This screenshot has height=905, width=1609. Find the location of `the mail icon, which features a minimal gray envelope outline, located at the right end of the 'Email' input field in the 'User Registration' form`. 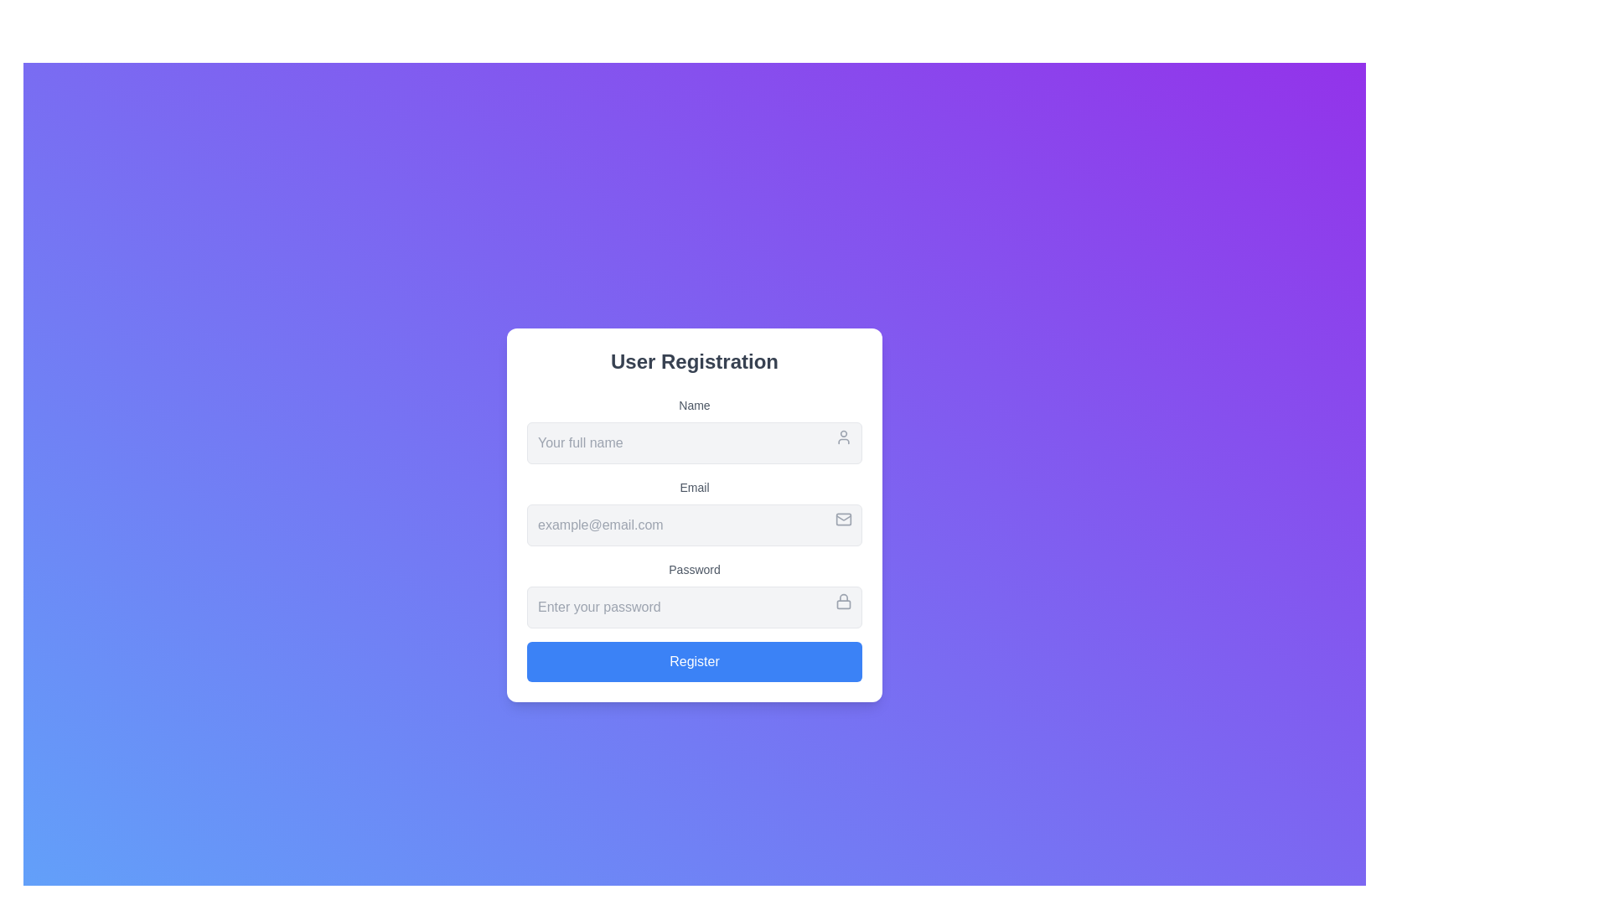

the mail icon, which features a minimal gray envelope outline, located at the right end of the 'Email' input field in the 'User Registration' form is located at coordinates (844, 519).